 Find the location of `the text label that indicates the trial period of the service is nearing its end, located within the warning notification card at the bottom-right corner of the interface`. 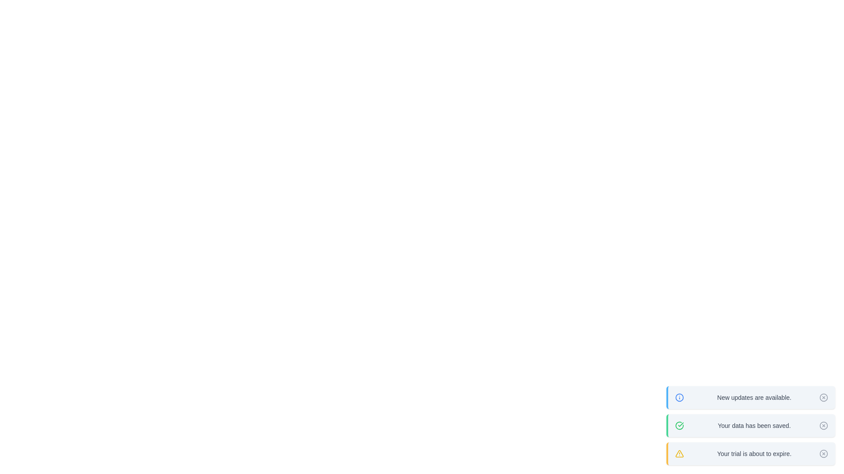

the text label that indicates the trial period of the service is nearing its end, located within the warning notification card at the bottom-right corner of the interface is located at coordinates (754, 453).